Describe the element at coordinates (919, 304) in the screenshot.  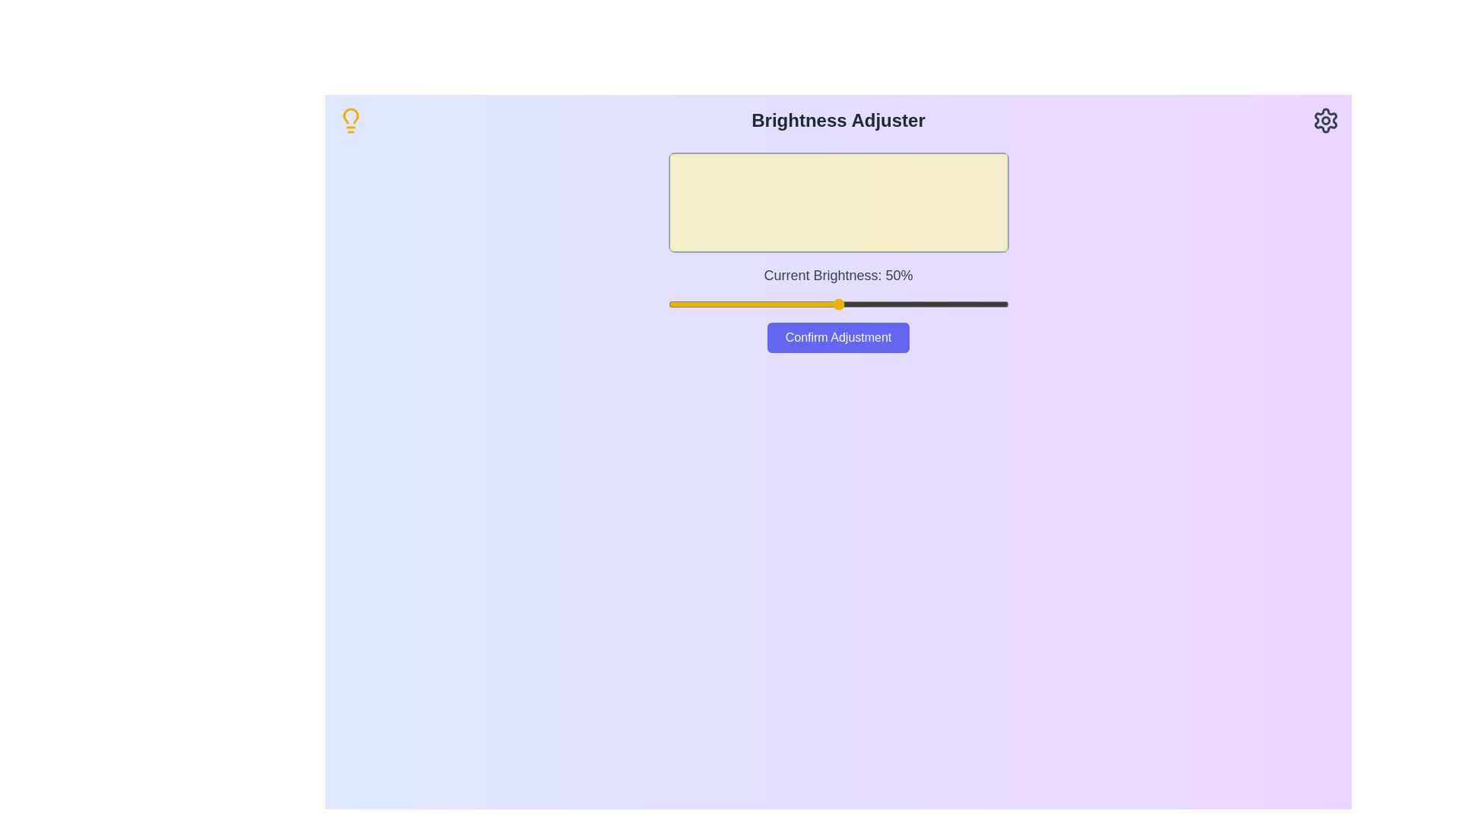
I see `the brightness slider to 74%` at that location.